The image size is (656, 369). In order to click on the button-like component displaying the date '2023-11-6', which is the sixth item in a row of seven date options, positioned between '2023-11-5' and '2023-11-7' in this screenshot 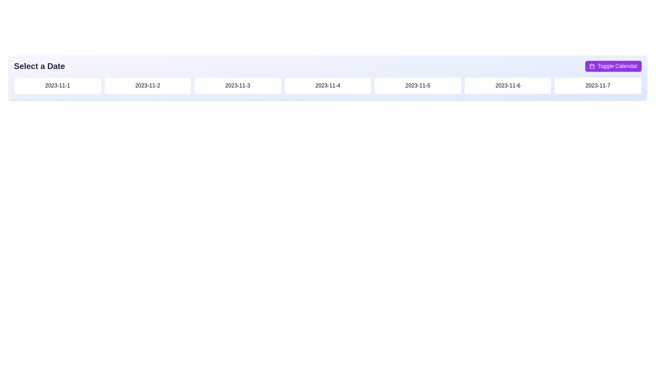, I will do `click(508, 85)`.